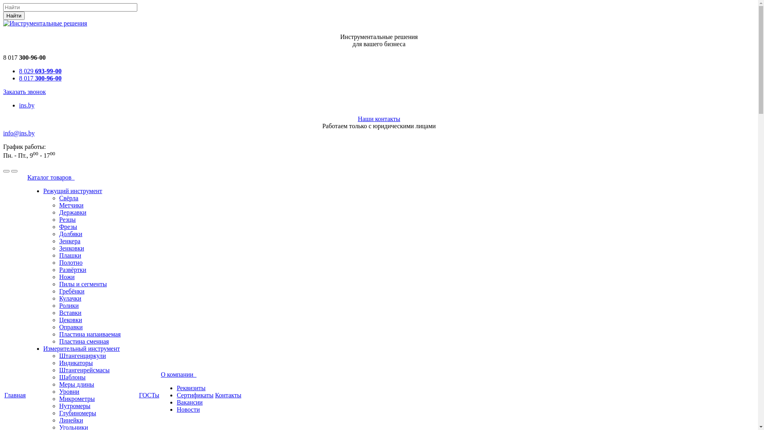 This screenshot has width=764, height=430. What do you see at coordinates (19, 70) in the screenshot?
I see `'8 029 693-99-00'` at bounding box center [19, 70].